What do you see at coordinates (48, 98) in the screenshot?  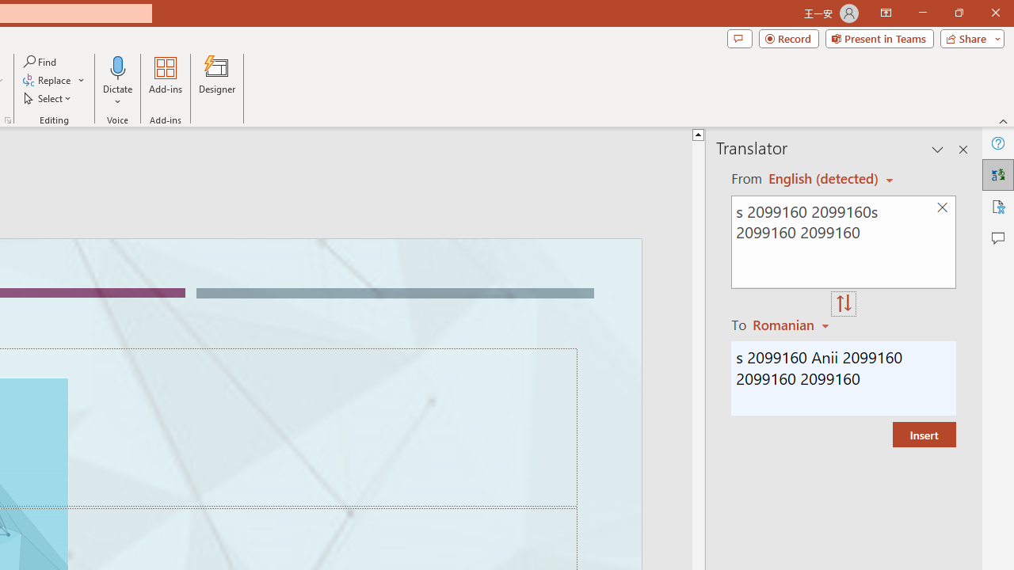 I see `'Select'` at bounding box center [48, 98].